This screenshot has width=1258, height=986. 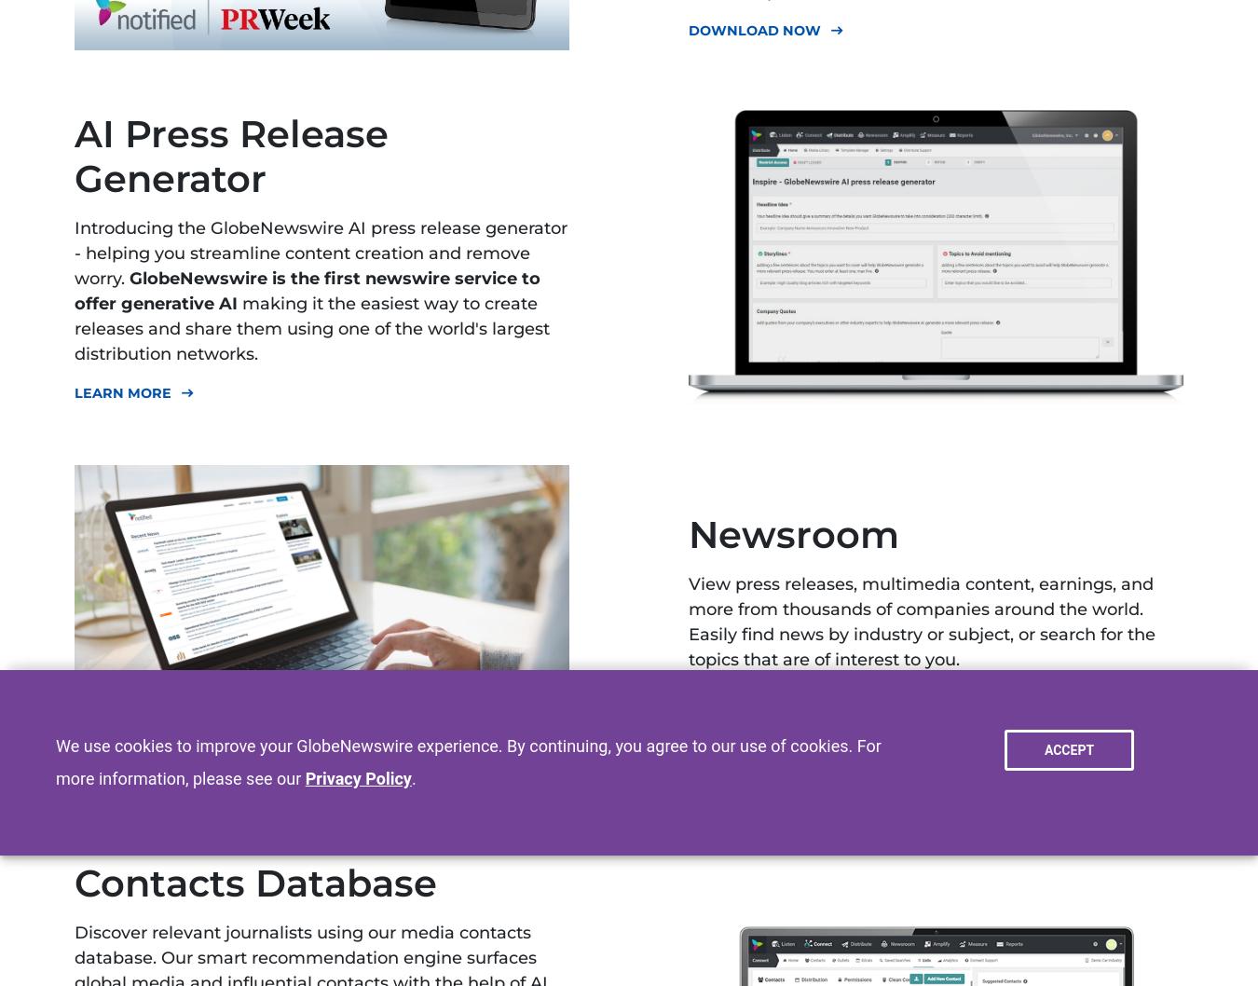 I want to click on 'Learn More', so click(x=123, y=391).